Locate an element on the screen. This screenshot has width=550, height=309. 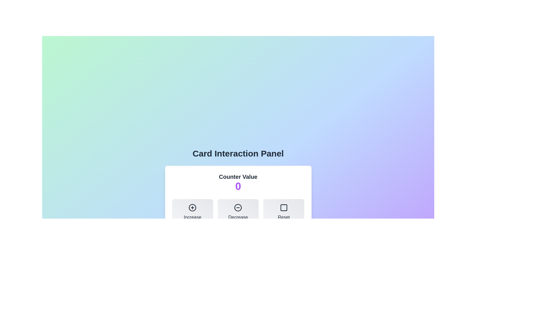
the icon resembling a circle with a horizontal minus symbol at its center, which is part of the 'Decrease' button located below the 'Counter Value' section is located at coordinates (238, 207).